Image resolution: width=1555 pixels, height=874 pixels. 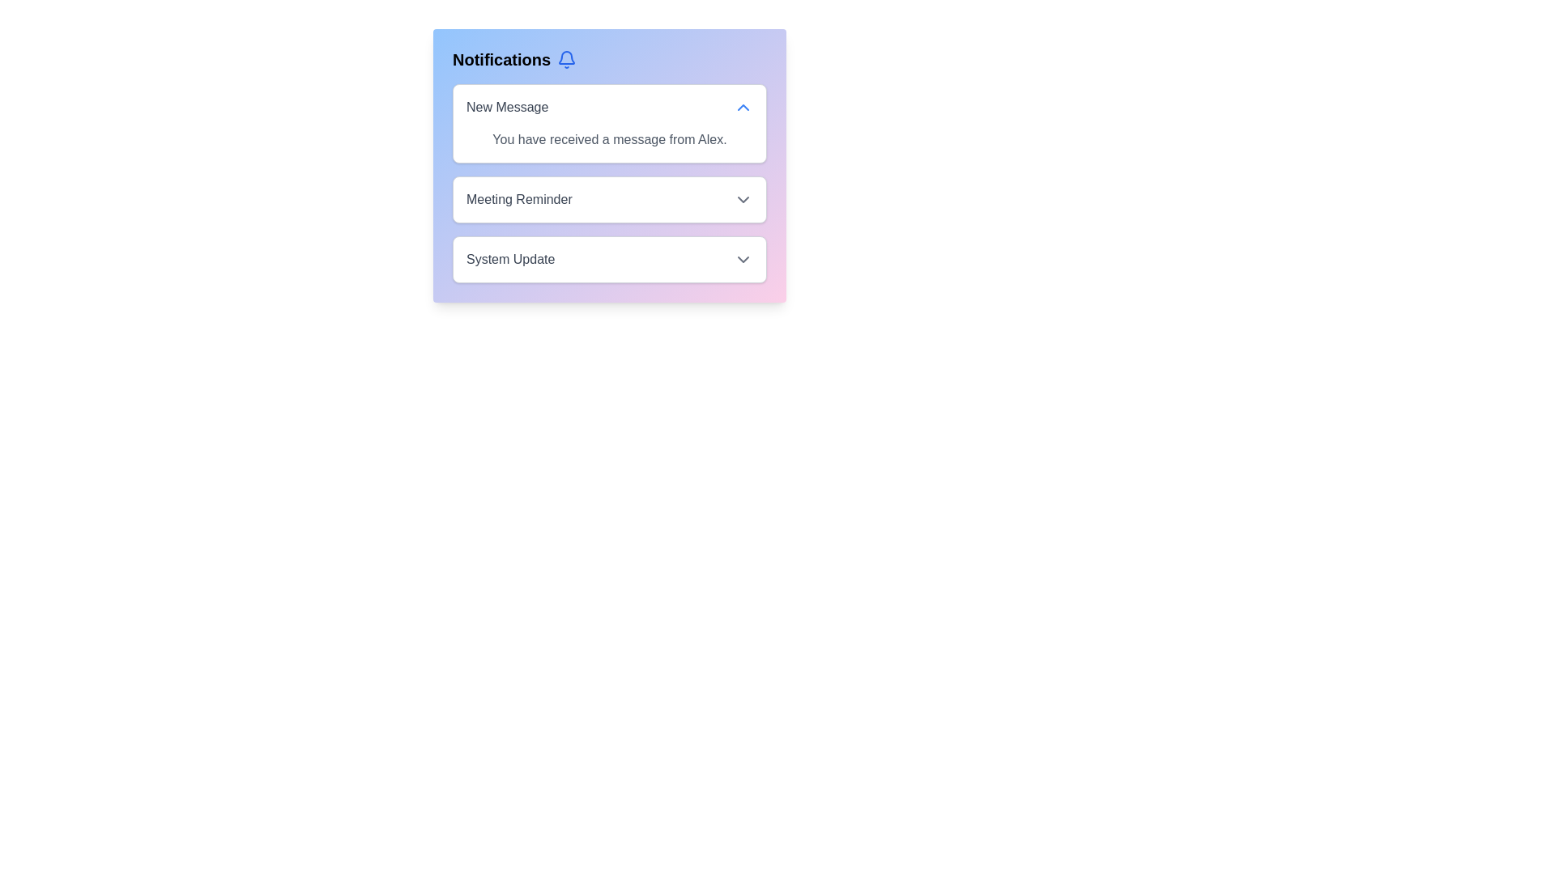 I want to click on the first notification card labeled 'New Message' in the Notifications section, so click(x=609, y=123).